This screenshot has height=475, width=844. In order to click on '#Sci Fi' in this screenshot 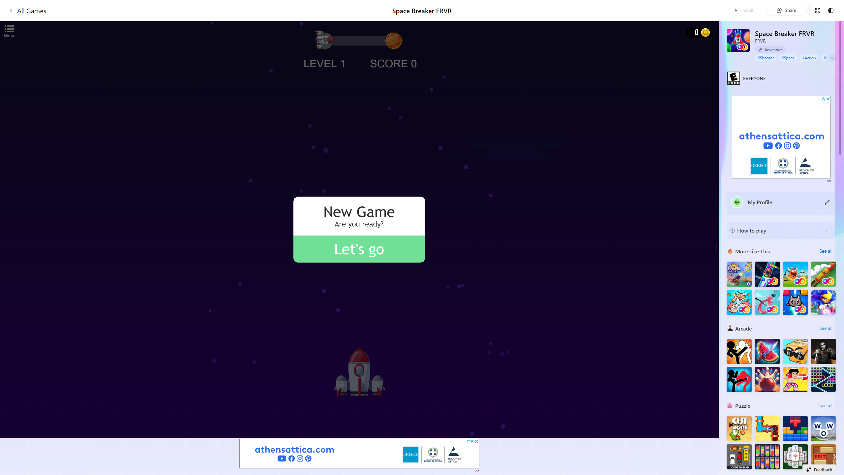, I will do `click(829, 57)`.